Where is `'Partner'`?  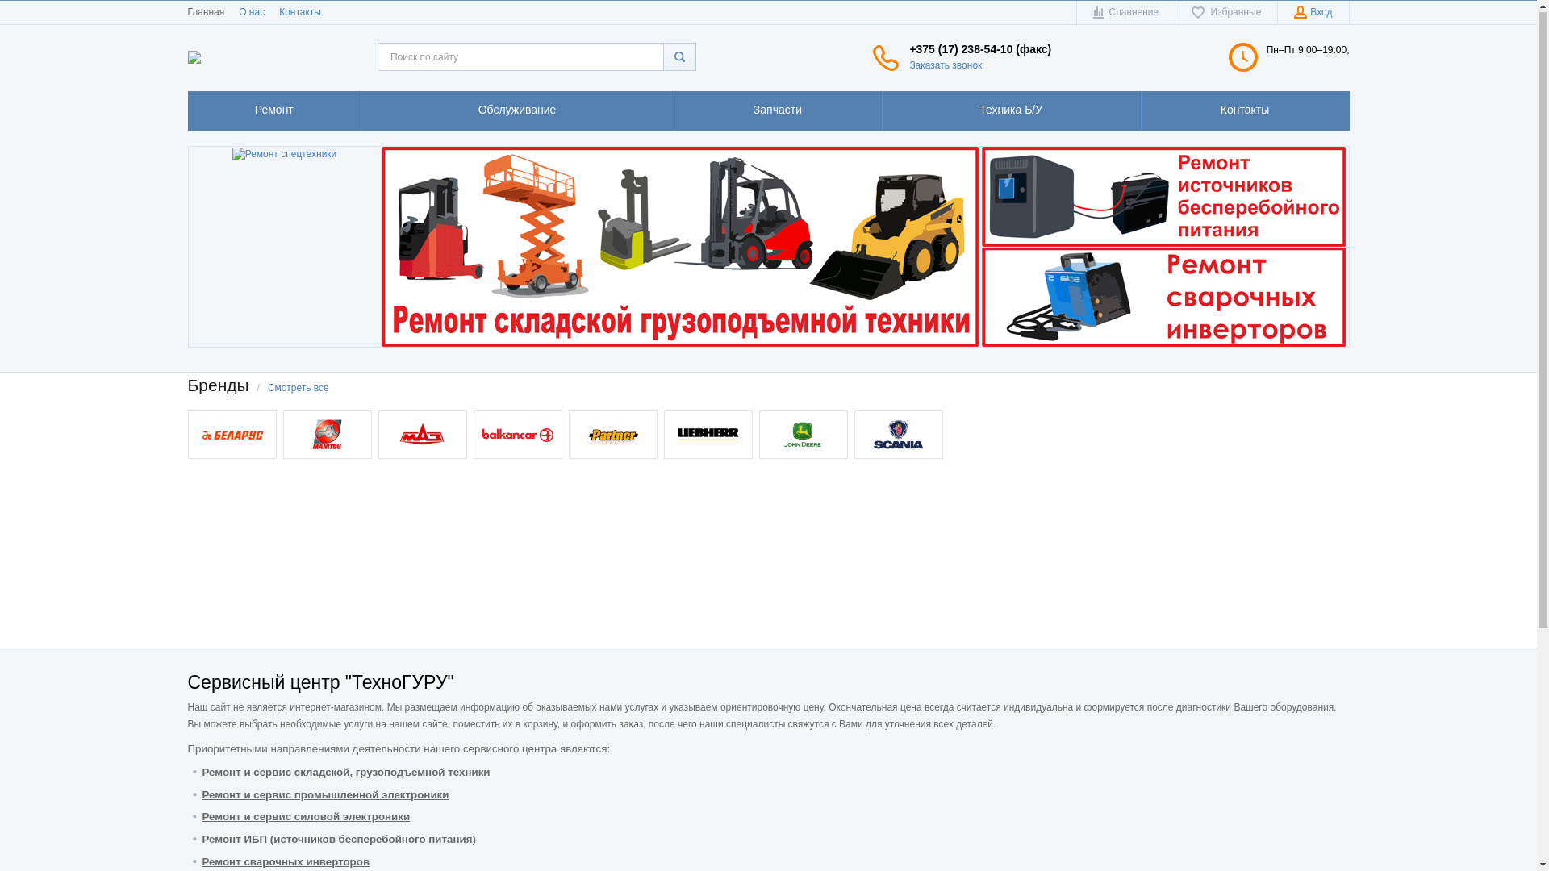
'Partner' is located at coordinates (612, 435).